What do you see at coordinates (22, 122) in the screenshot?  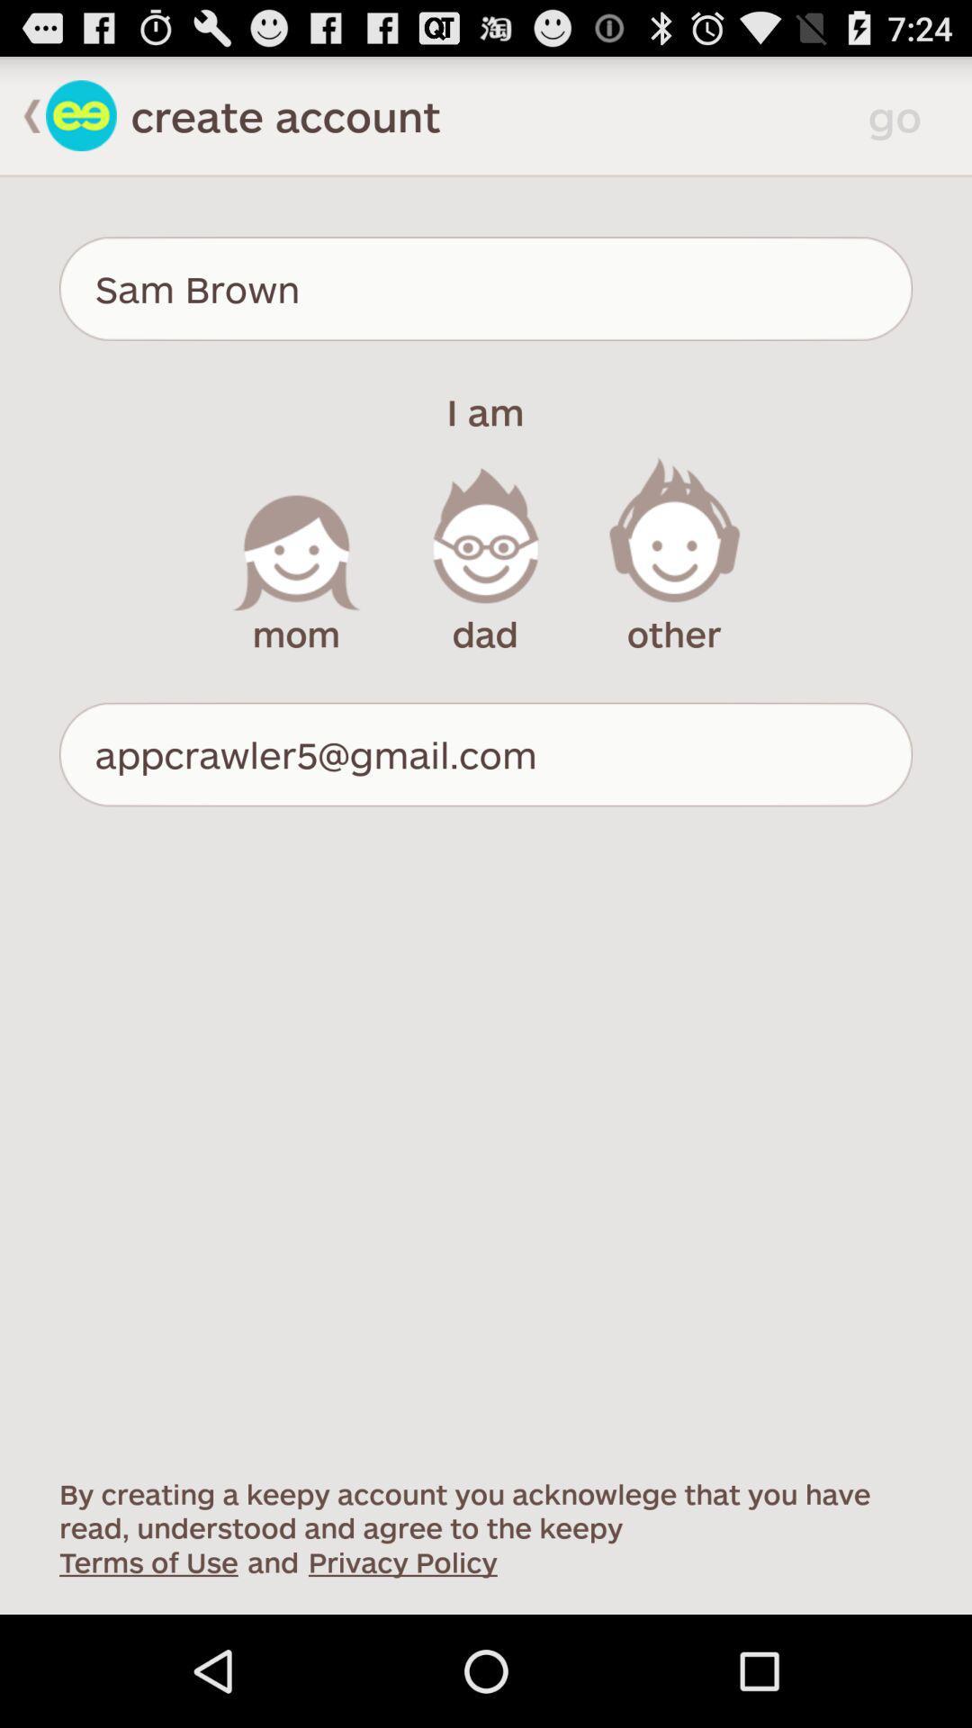 I see `the arrow_backward icon` at bounding box center [22, 122].